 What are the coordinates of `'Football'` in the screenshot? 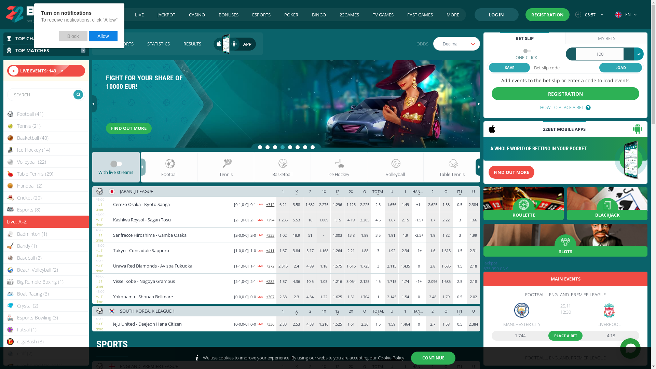 It's located at (169, 167).